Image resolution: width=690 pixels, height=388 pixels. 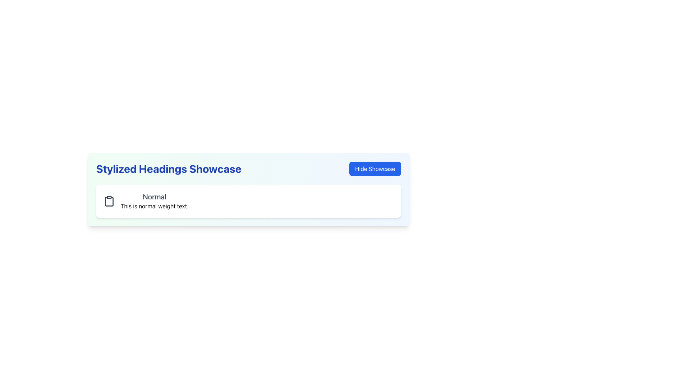 I want to click on the rectangular button with rounded corners that has a blue background and white text reading 'Hide Showcase' to trigger hover effects, so click(x=374, y=169).